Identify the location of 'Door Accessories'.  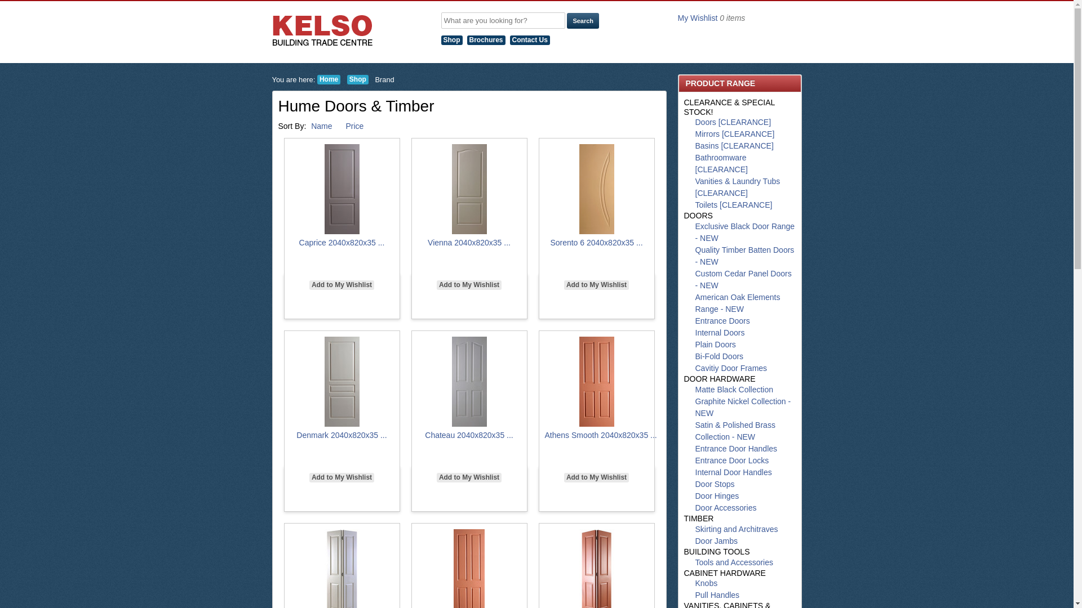
(726, 508).